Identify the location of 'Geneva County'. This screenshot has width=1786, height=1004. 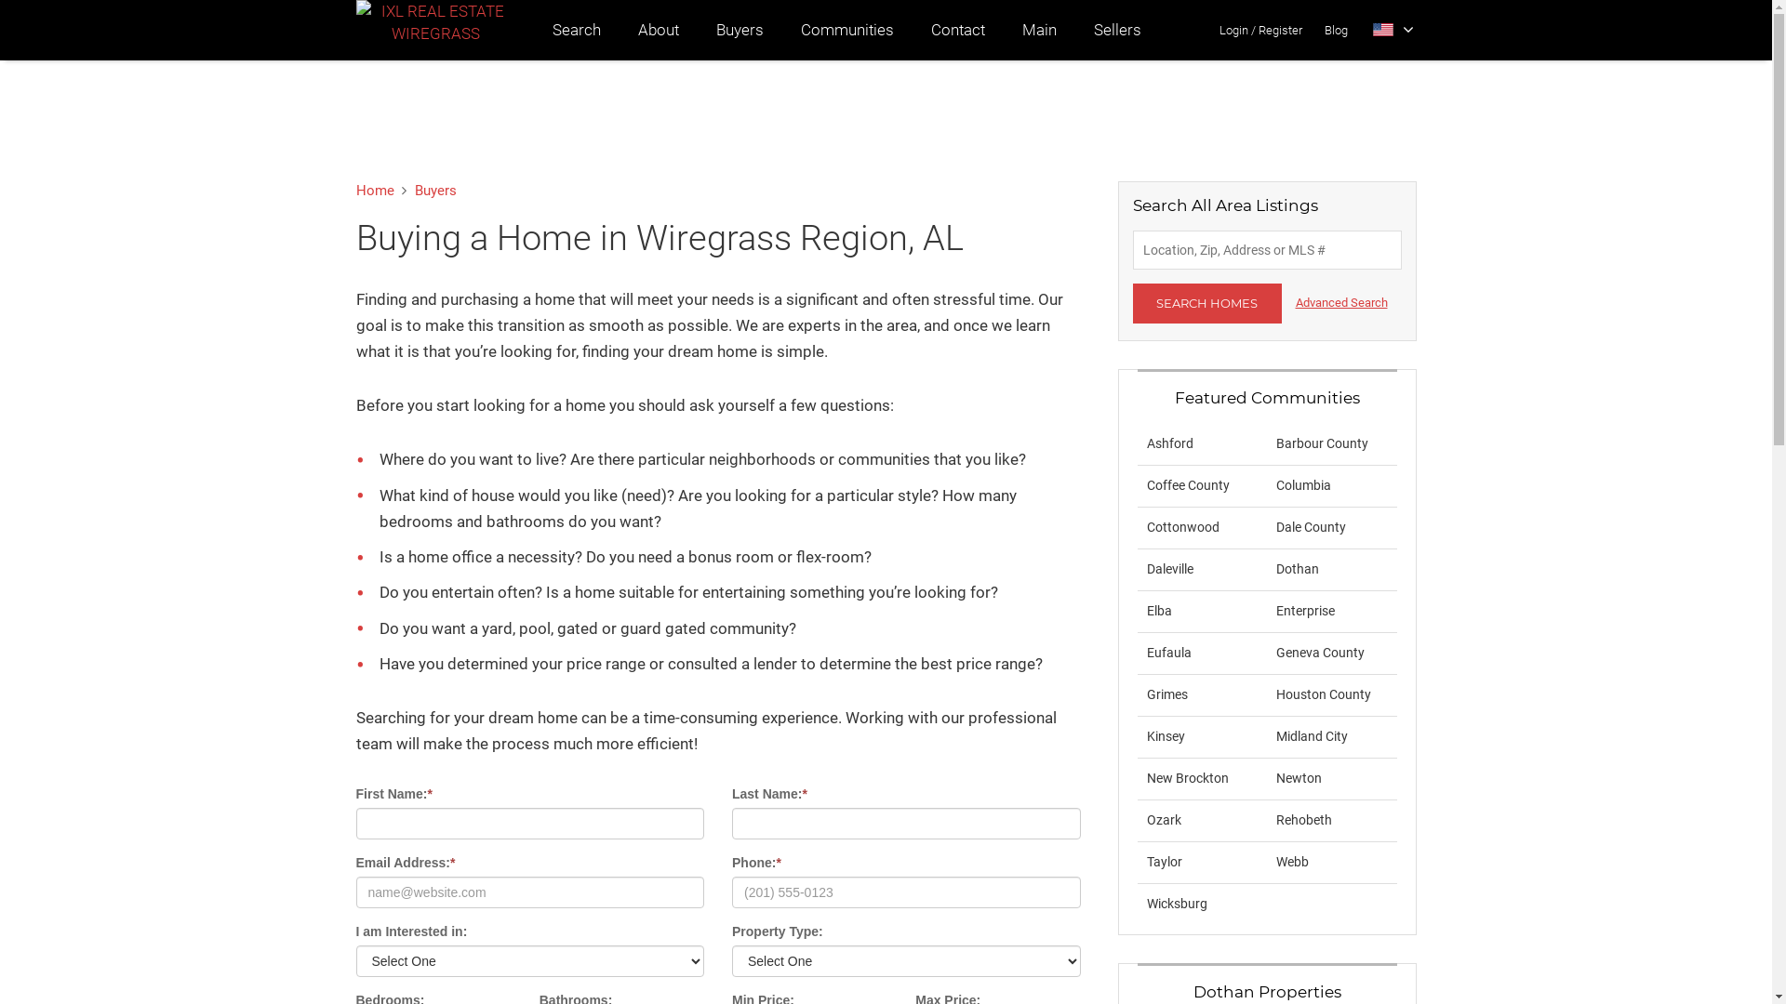
(1319, 652).